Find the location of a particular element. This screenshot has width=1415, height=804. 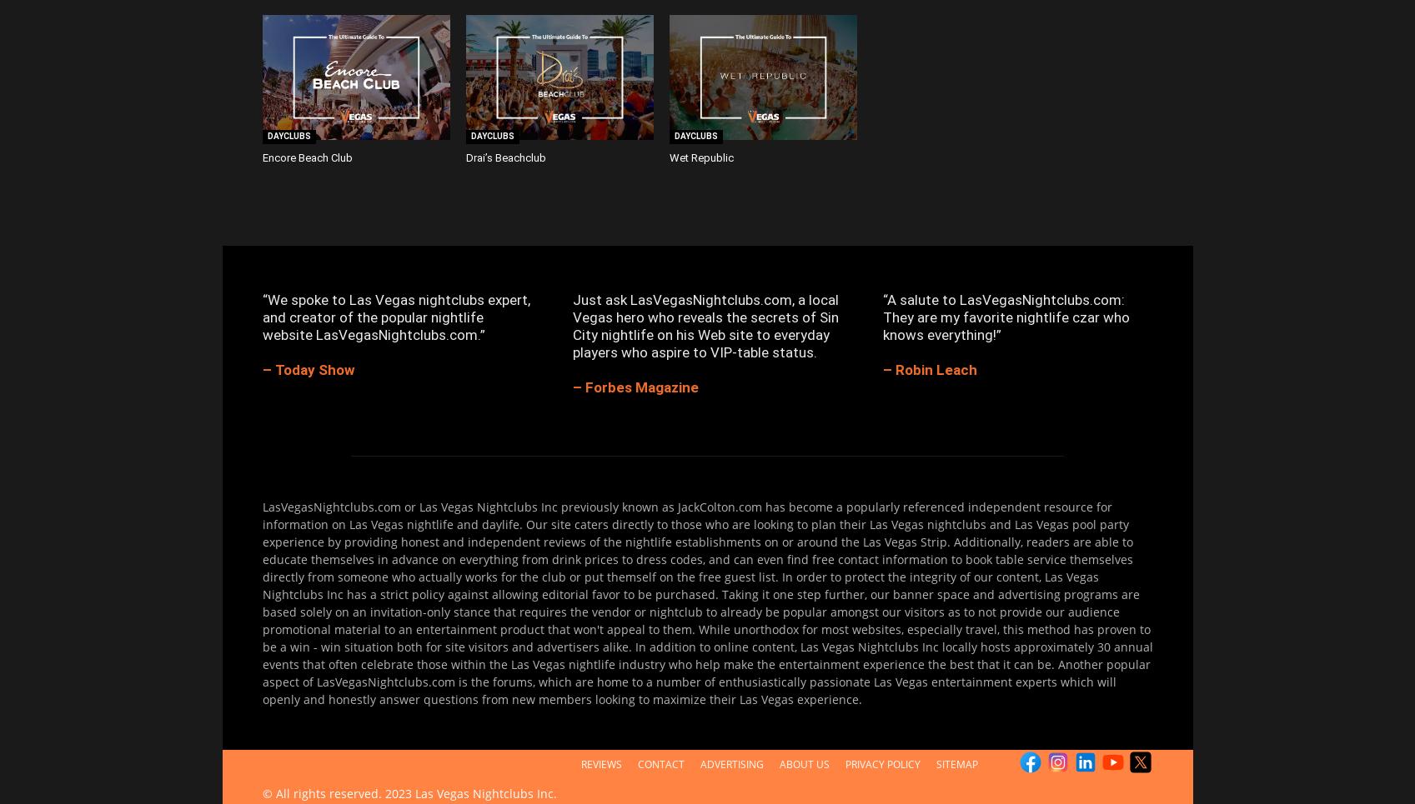

'Encore Beach Club' is located at coordinates (307, 157).